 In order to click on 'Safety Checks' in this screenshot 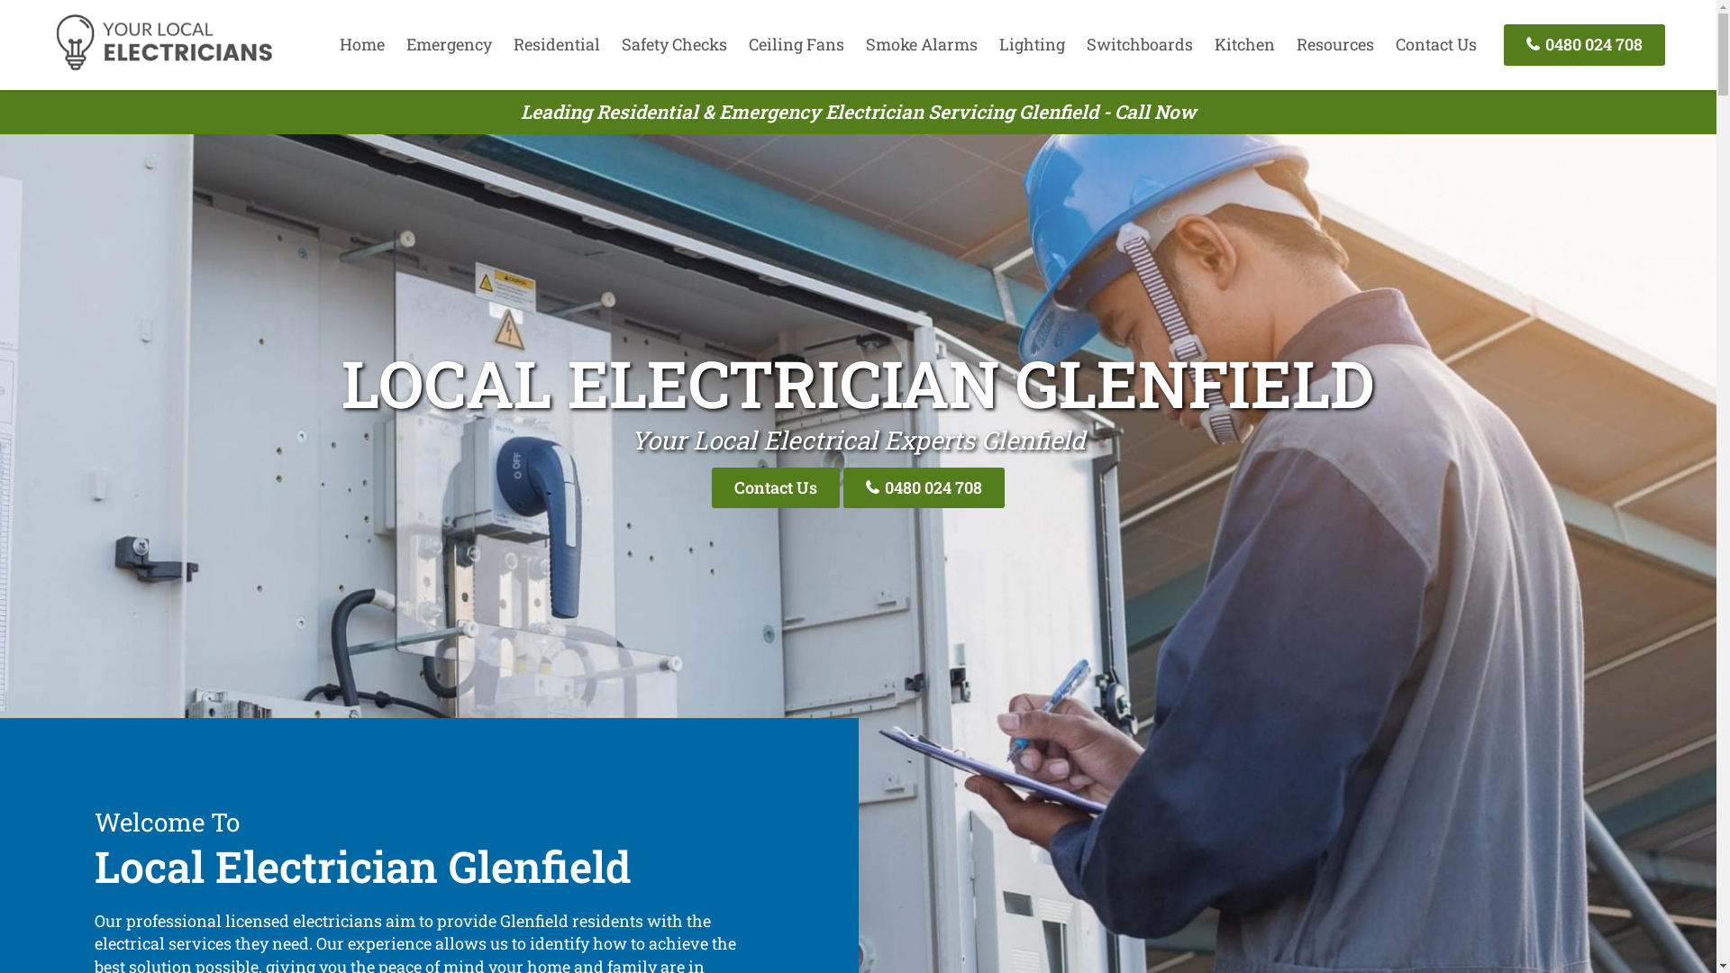, I will do `click(673, 43)`.